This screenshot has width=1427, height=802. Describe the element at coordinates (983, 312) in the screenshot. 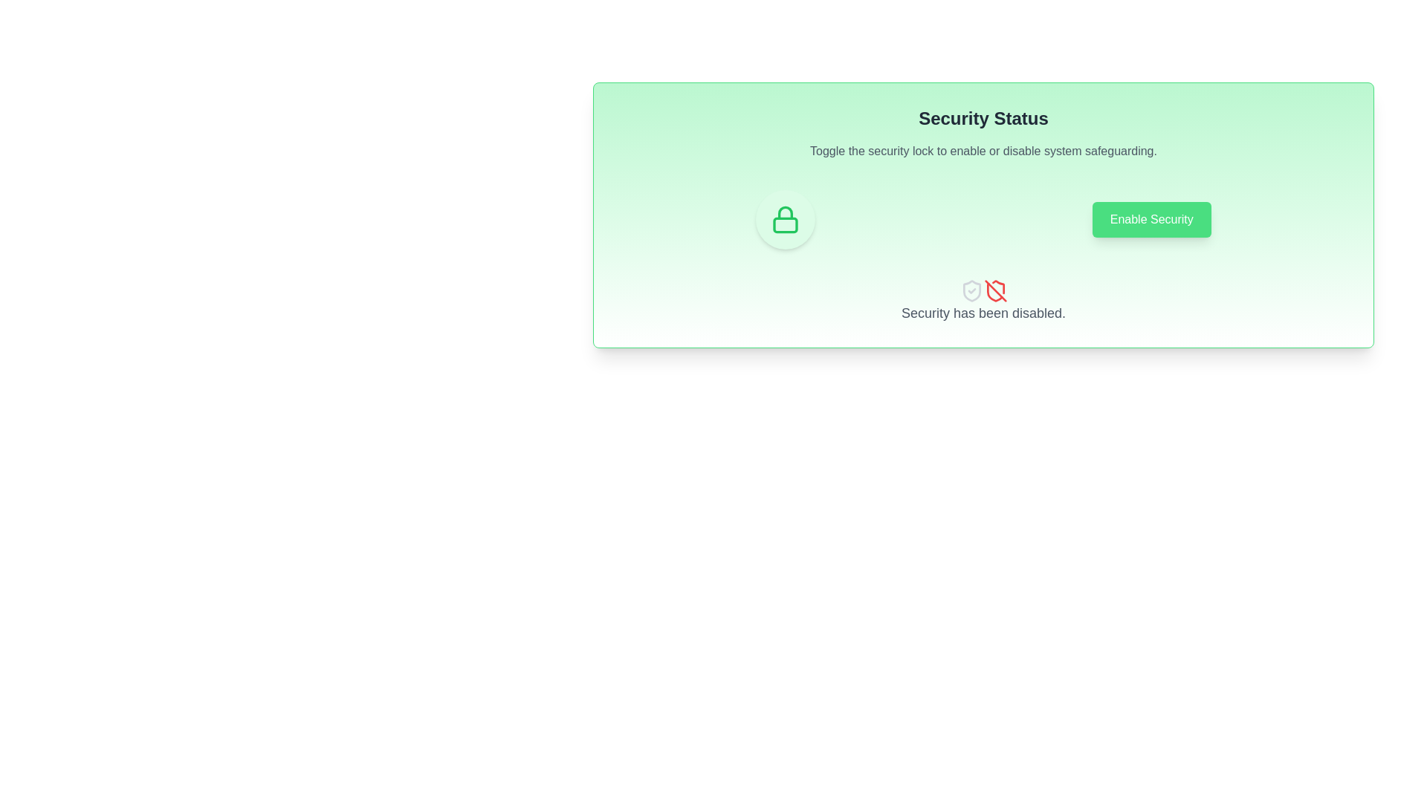

I see `the text element displaying 'Security has been disabled.' which is styled in gray and located beneath the security status icons` at that location.